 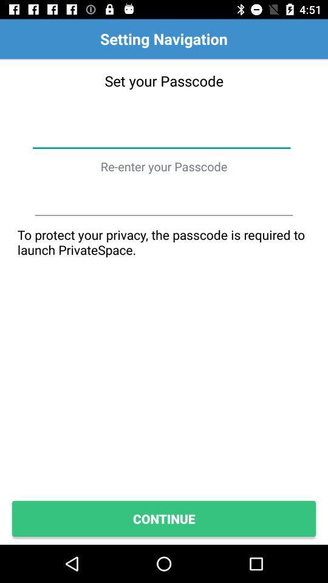 What do you see at coordinates (164, 518) in the screenshot?
I see `the continue` at bounding box center [164, 518].